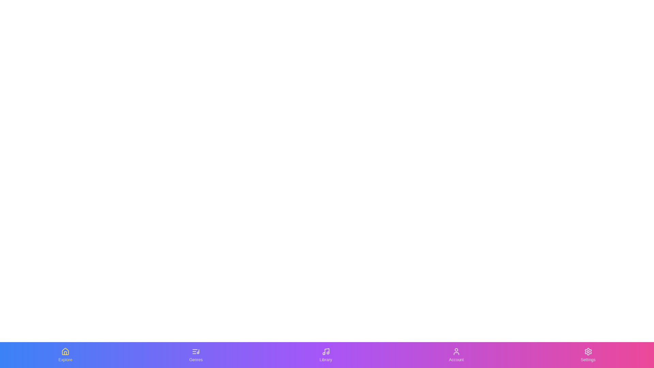 This screenshot has height=368, width=654. I want to click on the Settings tab to observe the hover effect, so click(588, 354).